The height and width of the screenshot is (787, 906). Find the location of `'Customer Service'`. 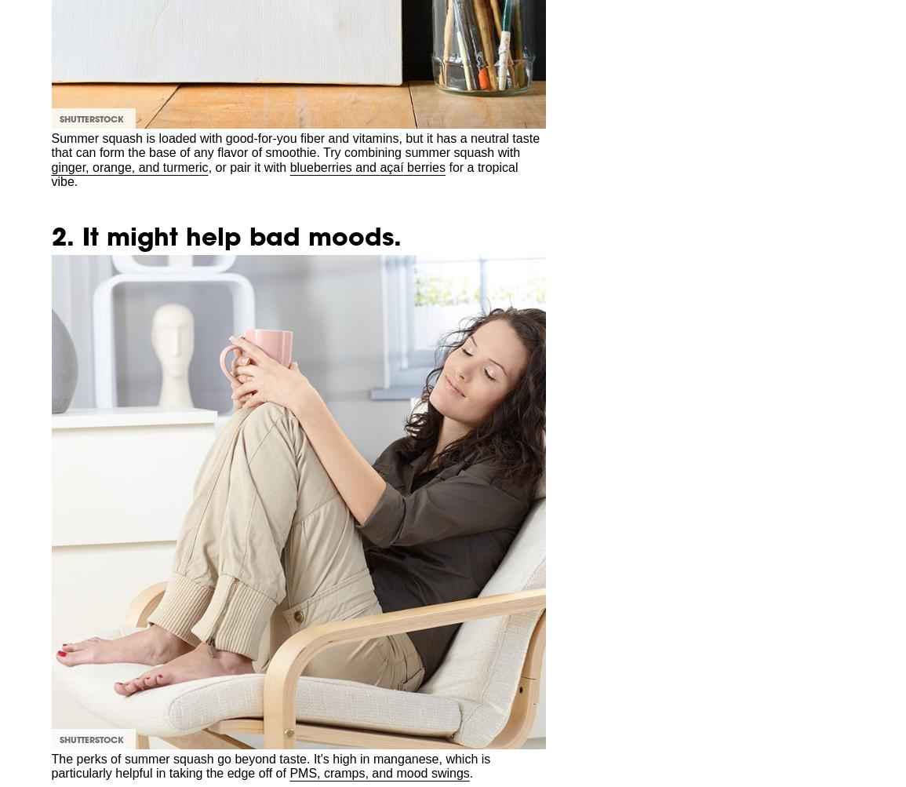

'Customer Service' is located at coordinates (242, 67).